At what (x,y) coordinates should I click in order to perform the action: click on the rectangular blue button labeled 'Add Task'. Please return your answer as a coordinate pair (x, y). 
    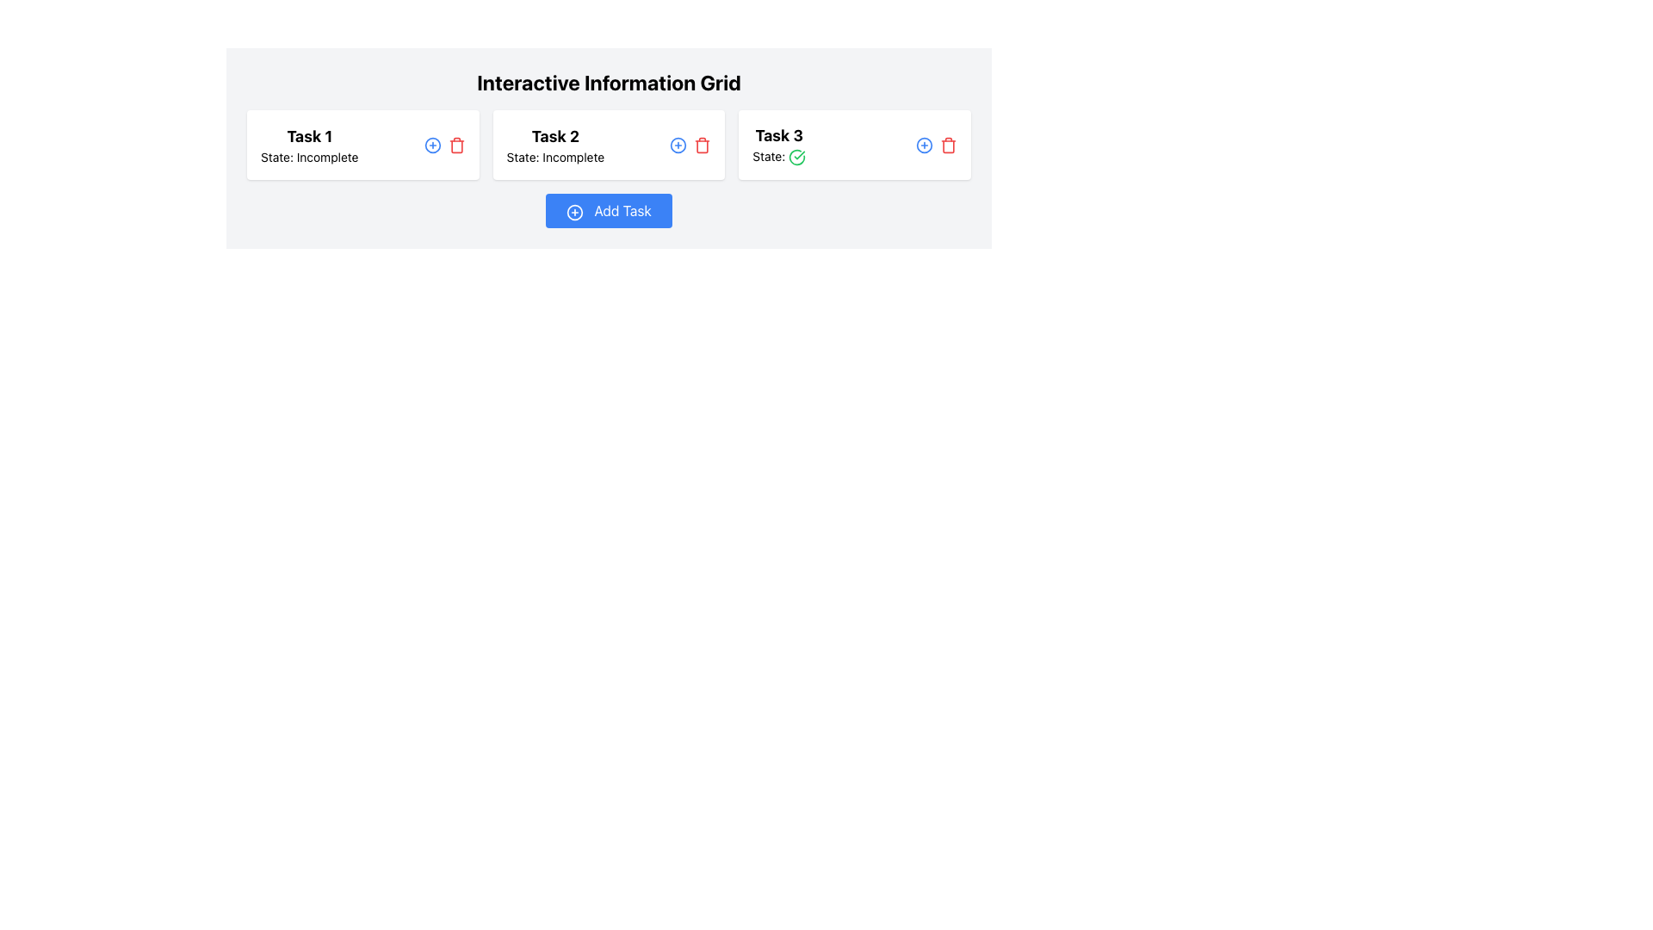
    Looking at the image, I should click on (609, 210).